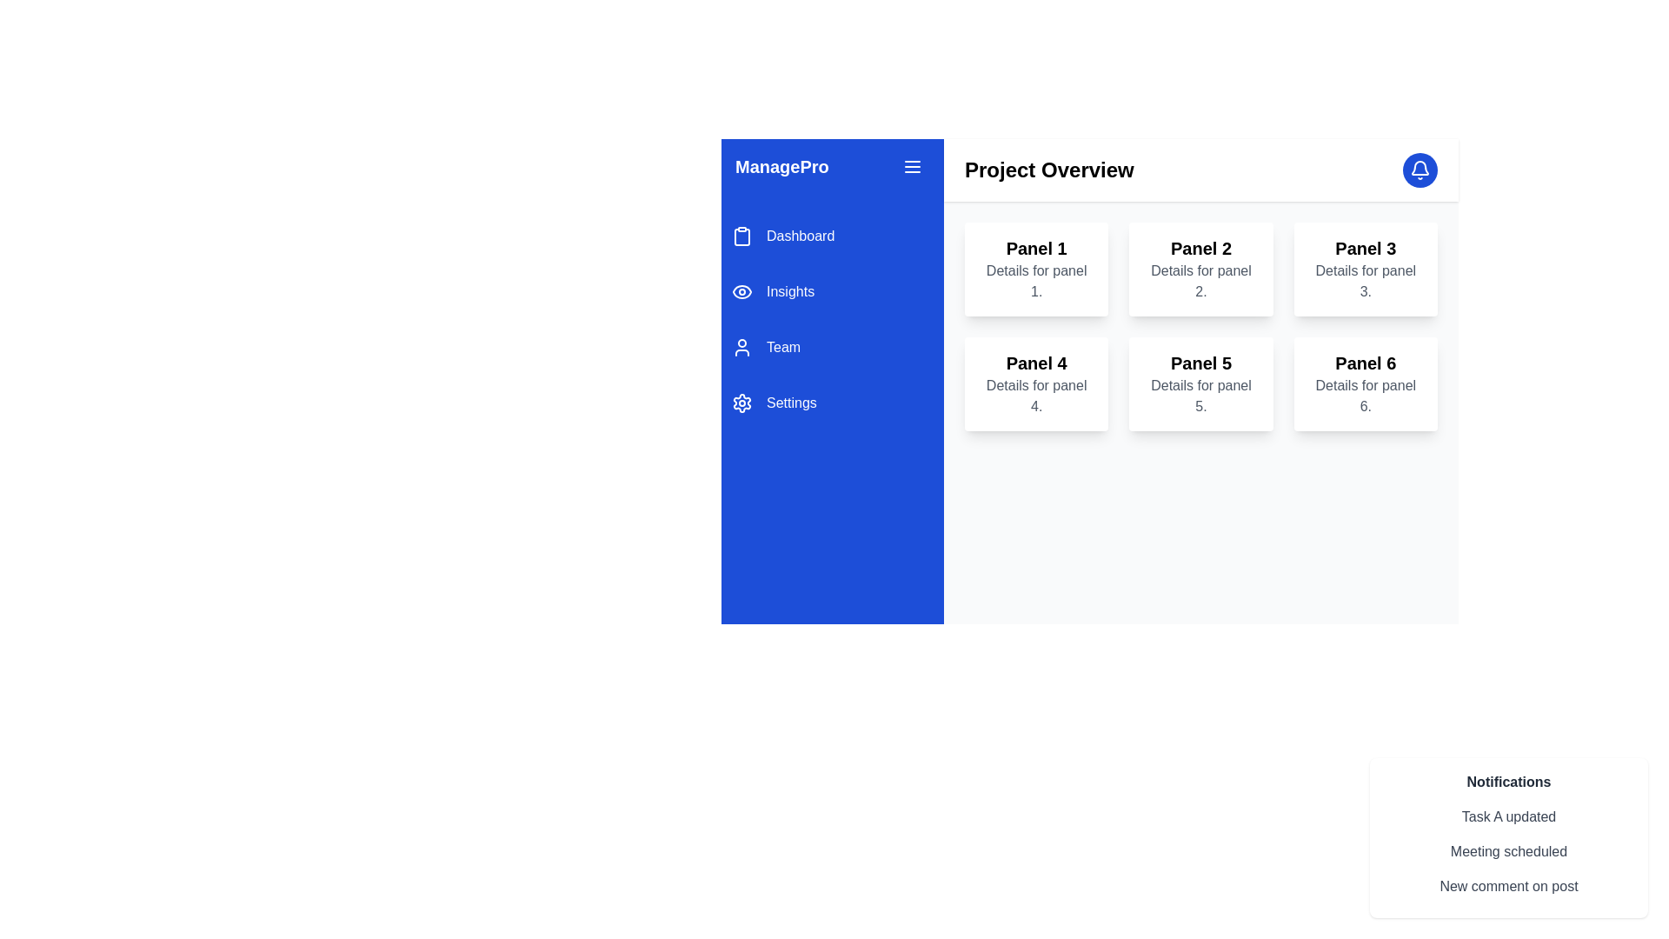 The image size is (1669, 939). What do you see at coordinates (1036, 248) in the screenshot?
I see `the text label displaying 'Panel 1' in bold, large font at the top of the card interface, which indicates it is clickable` at bounding box center [1036, 248].